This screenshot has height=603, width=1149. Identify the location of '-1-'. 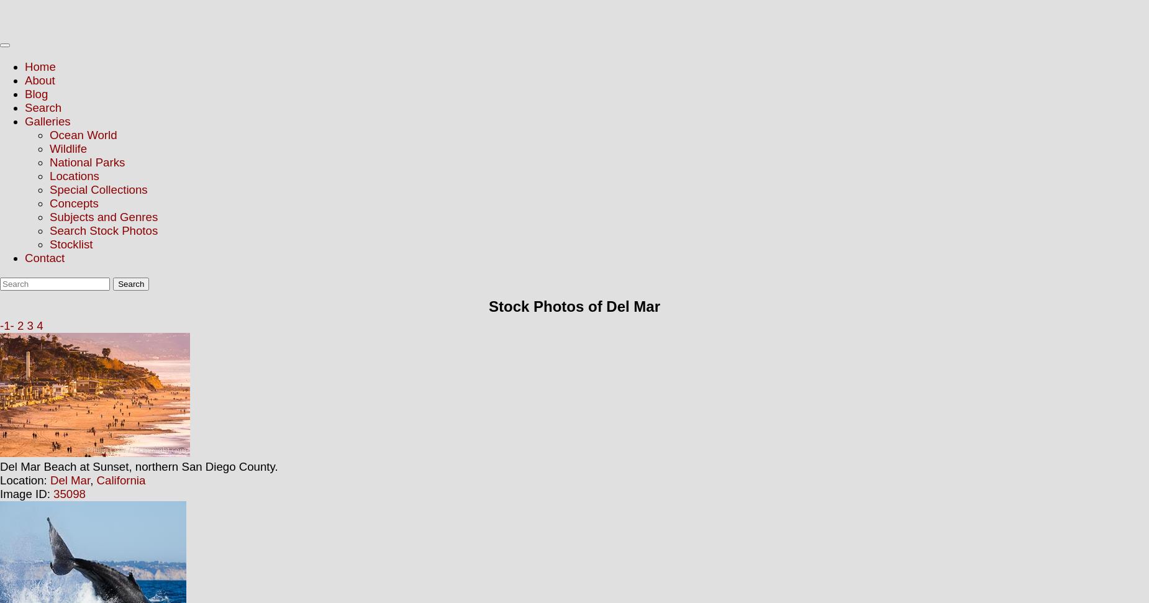
(6, 325).